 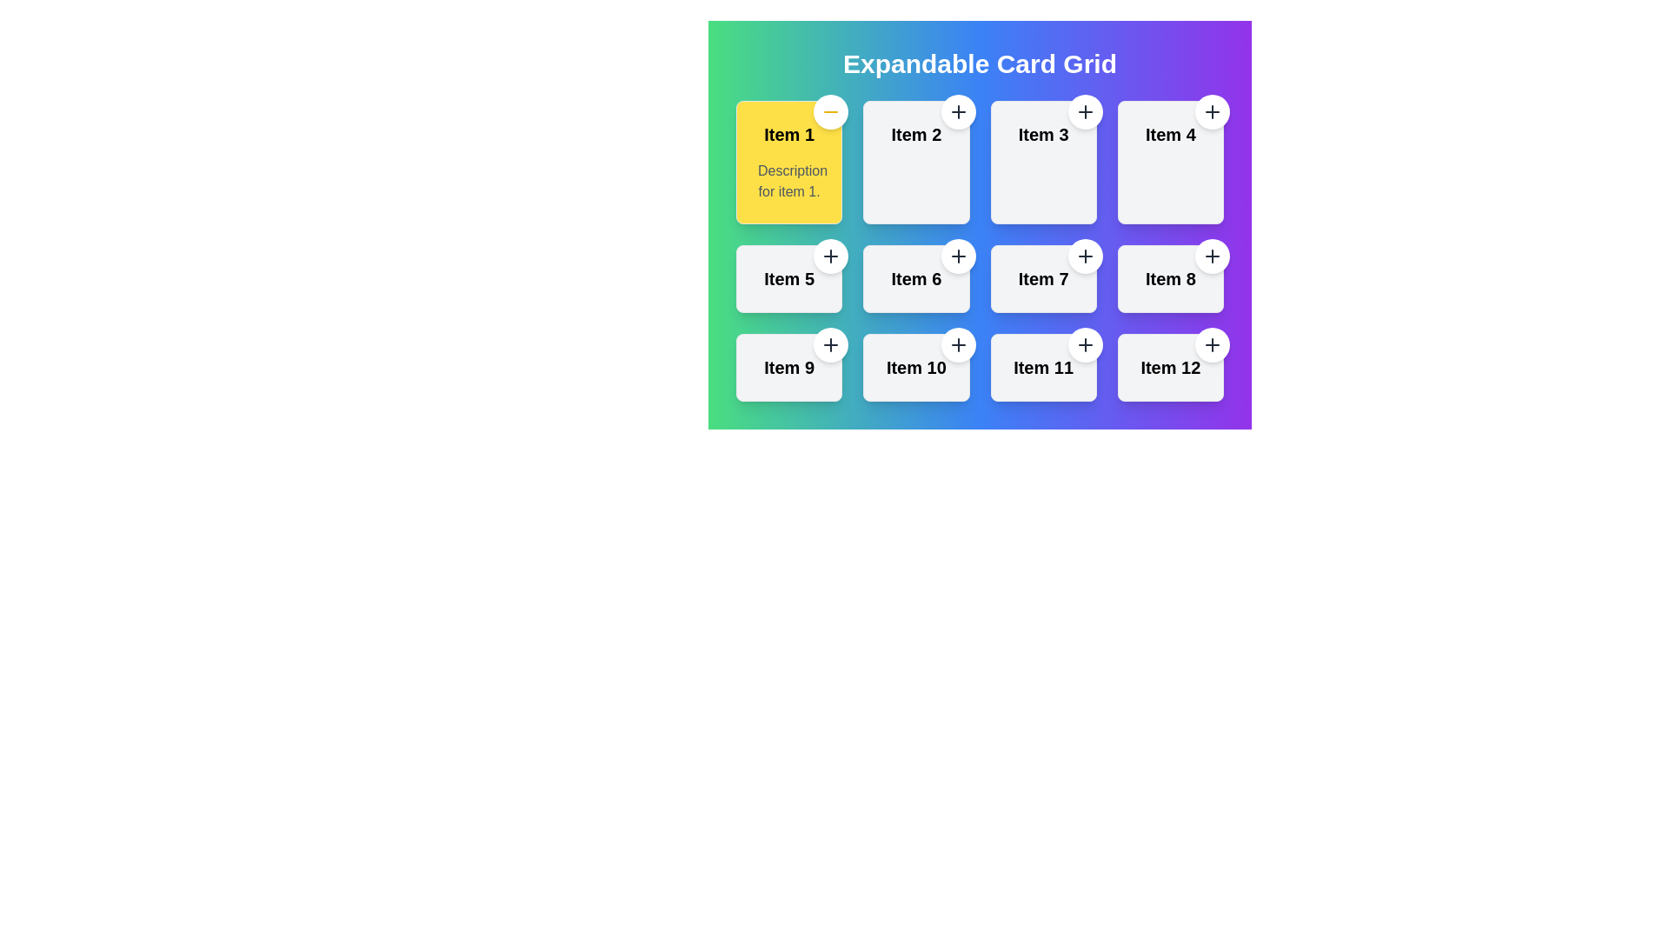 I want to click on the circular button with an icon, so click(x=1084, y=111).